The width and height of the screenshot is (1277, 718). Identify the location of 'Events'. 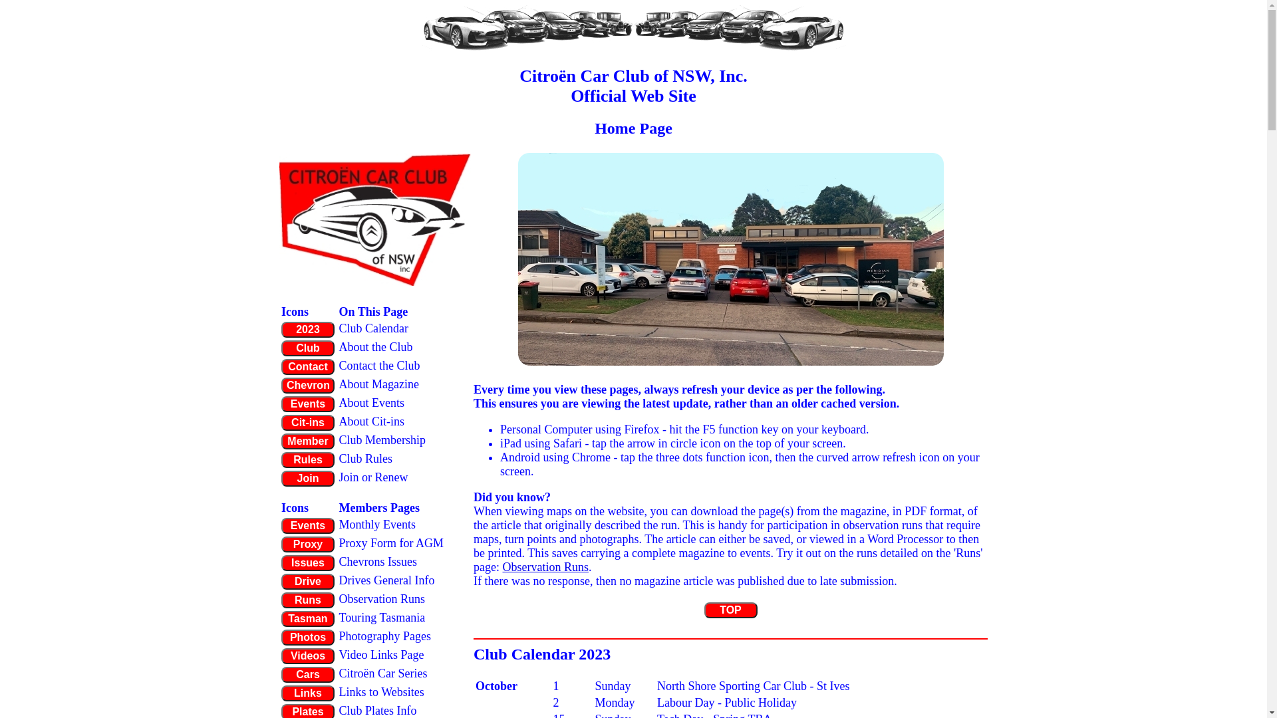
(307, 525).